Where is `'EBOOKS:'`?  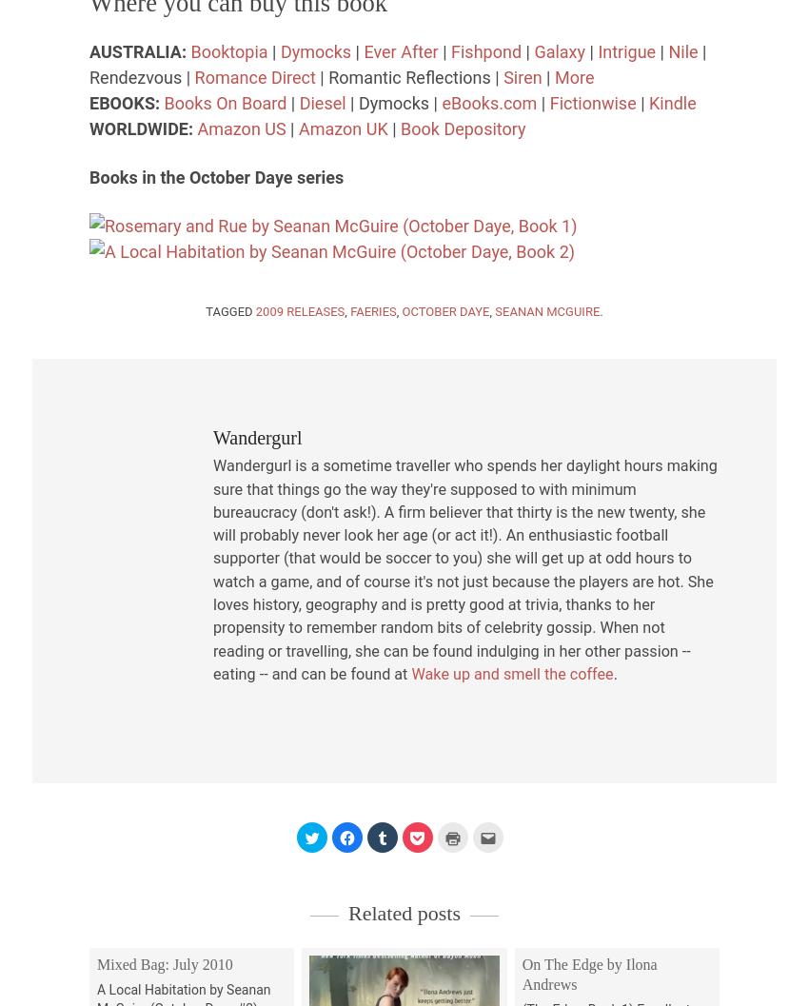 'EBOOKS:' is located at coordinates (124, 101).